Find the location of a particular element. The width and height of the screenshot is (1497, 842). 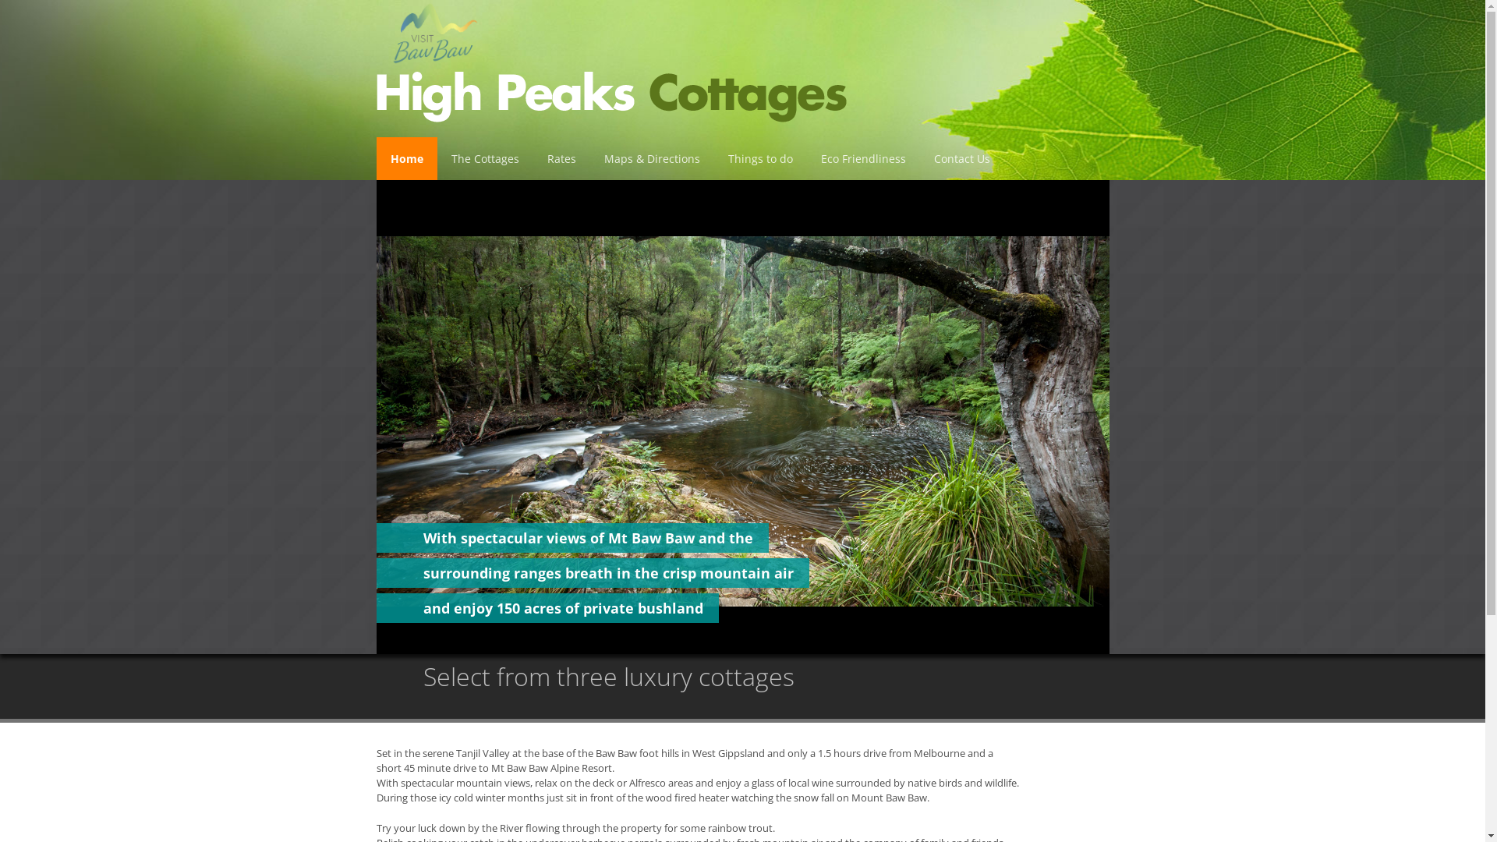

'Tanjil River West Branch' is located at coordinates (741, 416).